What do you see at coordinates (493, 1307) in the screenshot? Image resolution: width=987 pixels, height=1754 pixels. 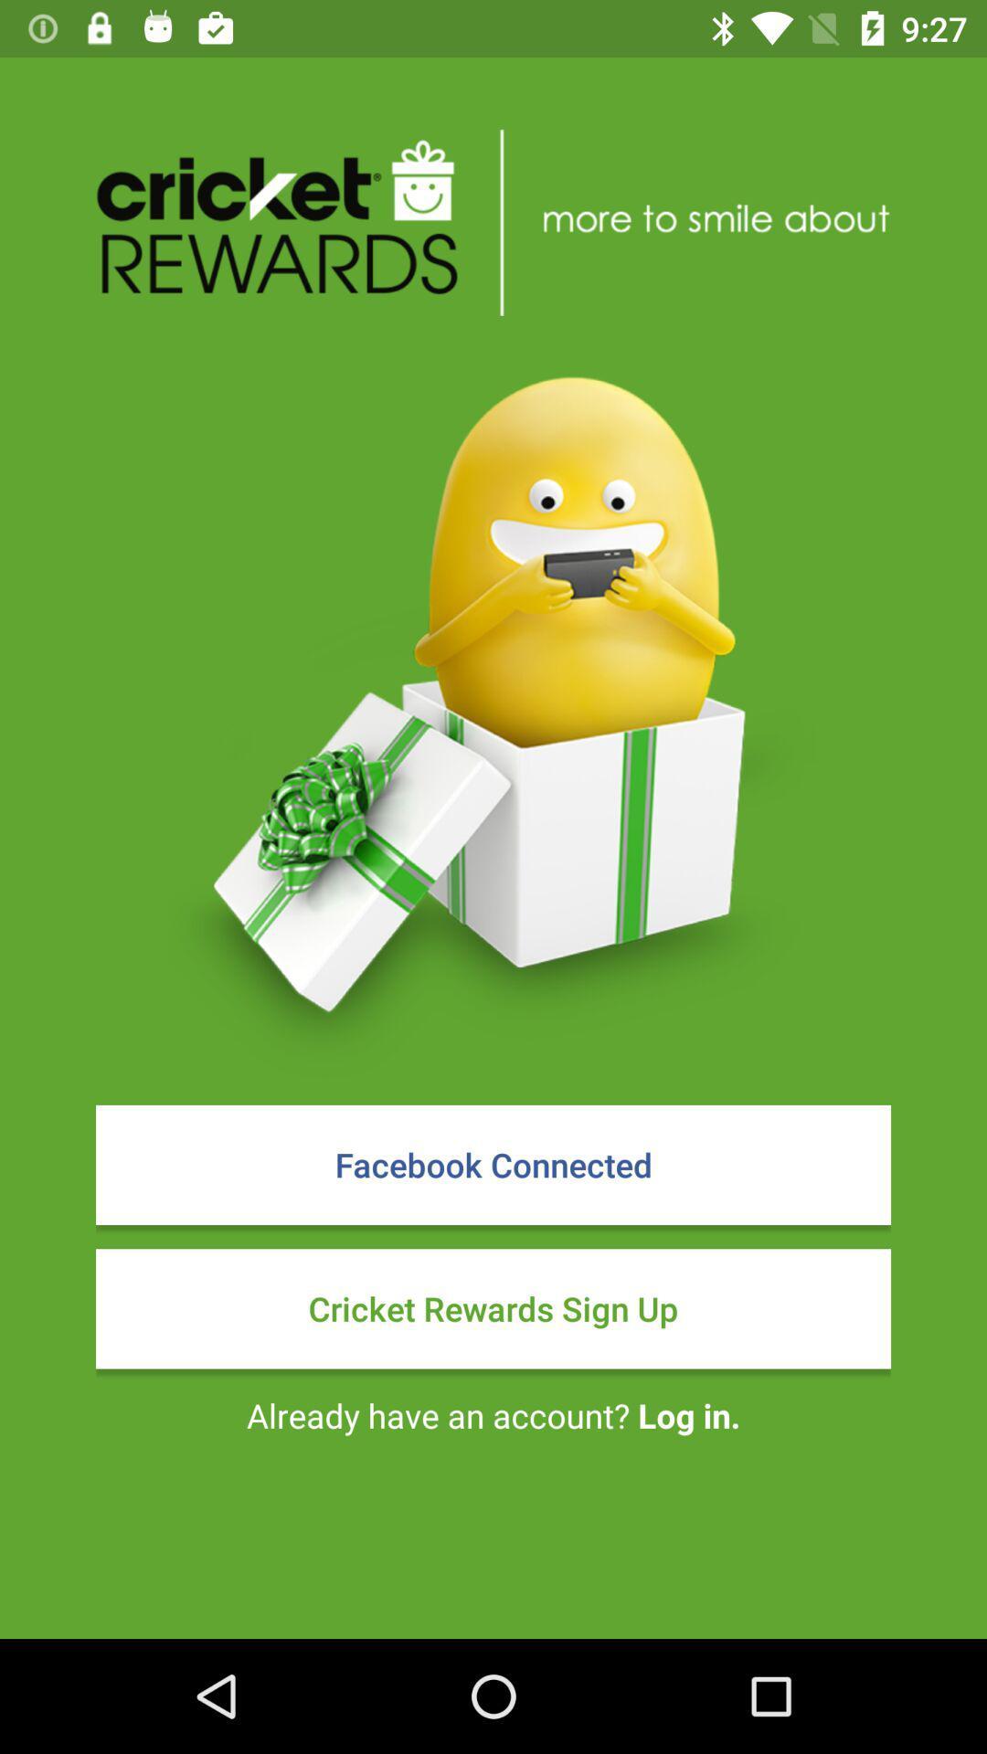 I see `cricket rewards sign item` at bounding box center [493, 1307].